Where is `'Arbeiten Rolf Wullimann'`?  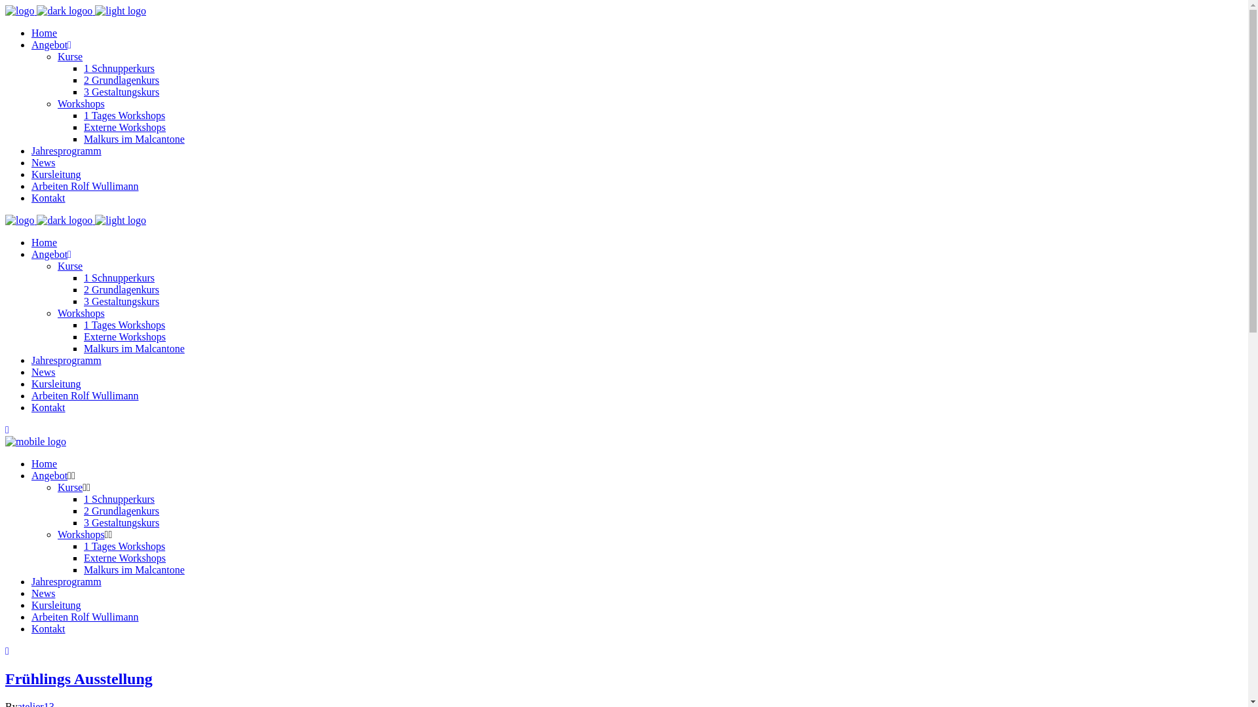 'Arbeiten Rolf Wullimann' is located at coordinates (84, 186).